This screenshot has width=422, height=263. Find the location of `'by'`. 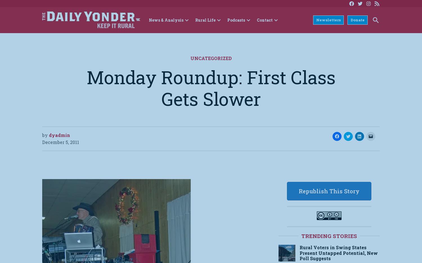

'by' is located at coordinates (45, 135).